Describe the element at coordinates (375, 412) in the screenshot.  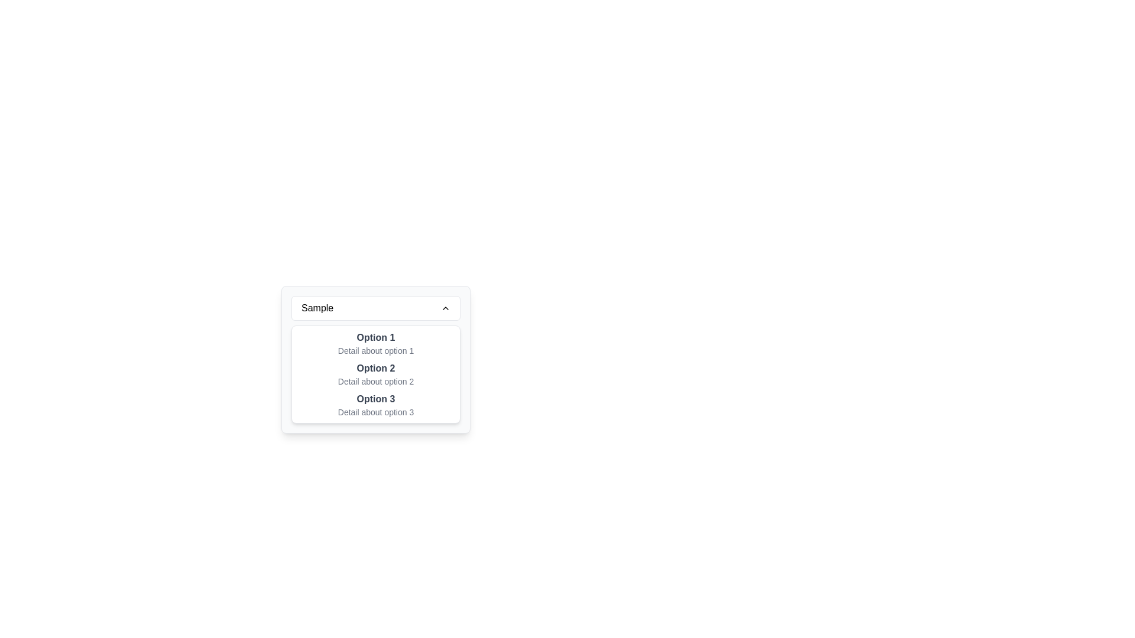
I see `the descriptive text element for 'Option 3' located at the lower part of the dropdown interface` at that location.